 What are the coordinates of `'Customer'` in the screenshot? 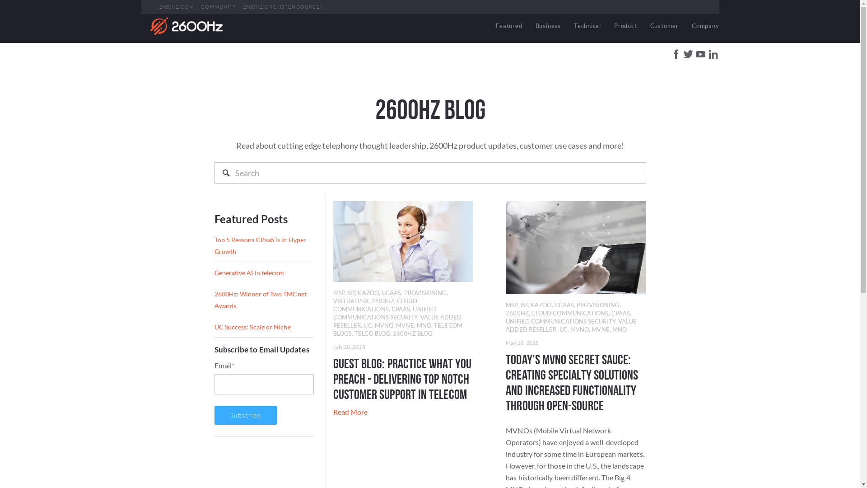 It's located at (664, 26).